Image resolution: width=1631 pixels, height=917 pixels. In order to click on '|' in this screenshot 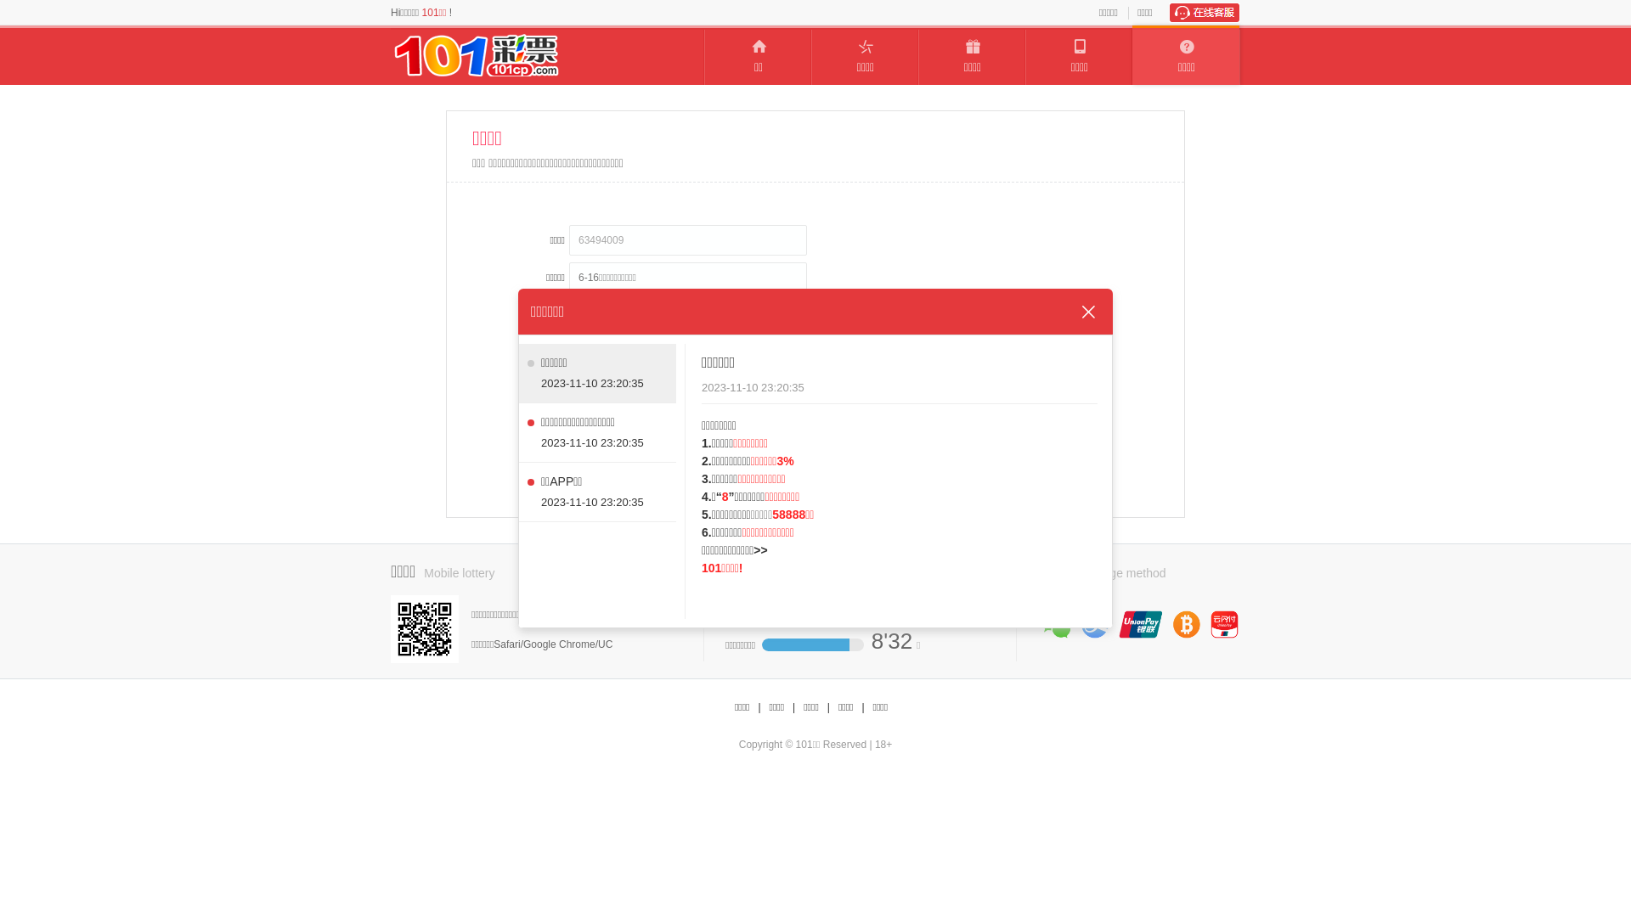, I will do `click(827, 707)`.